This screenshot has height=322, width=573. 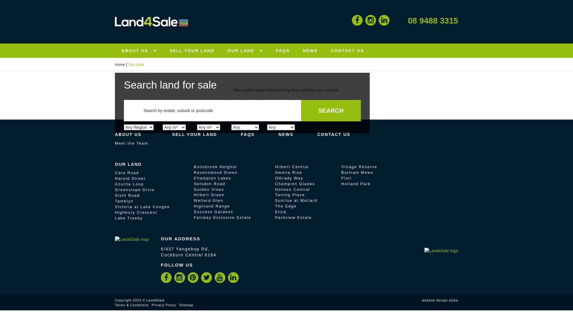 I want to click on 'Meet the Team', so click(x=131, y=143).